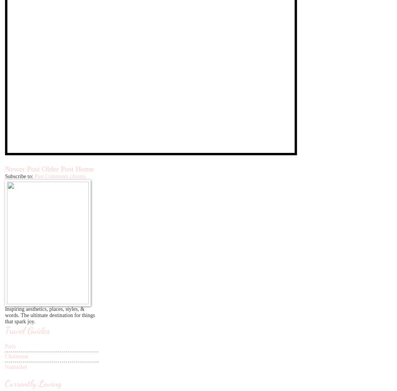  What do you see at coordinates (4, 169) in the screenshot?
I see `'Newer Post'` at bounding box center [4, 169].